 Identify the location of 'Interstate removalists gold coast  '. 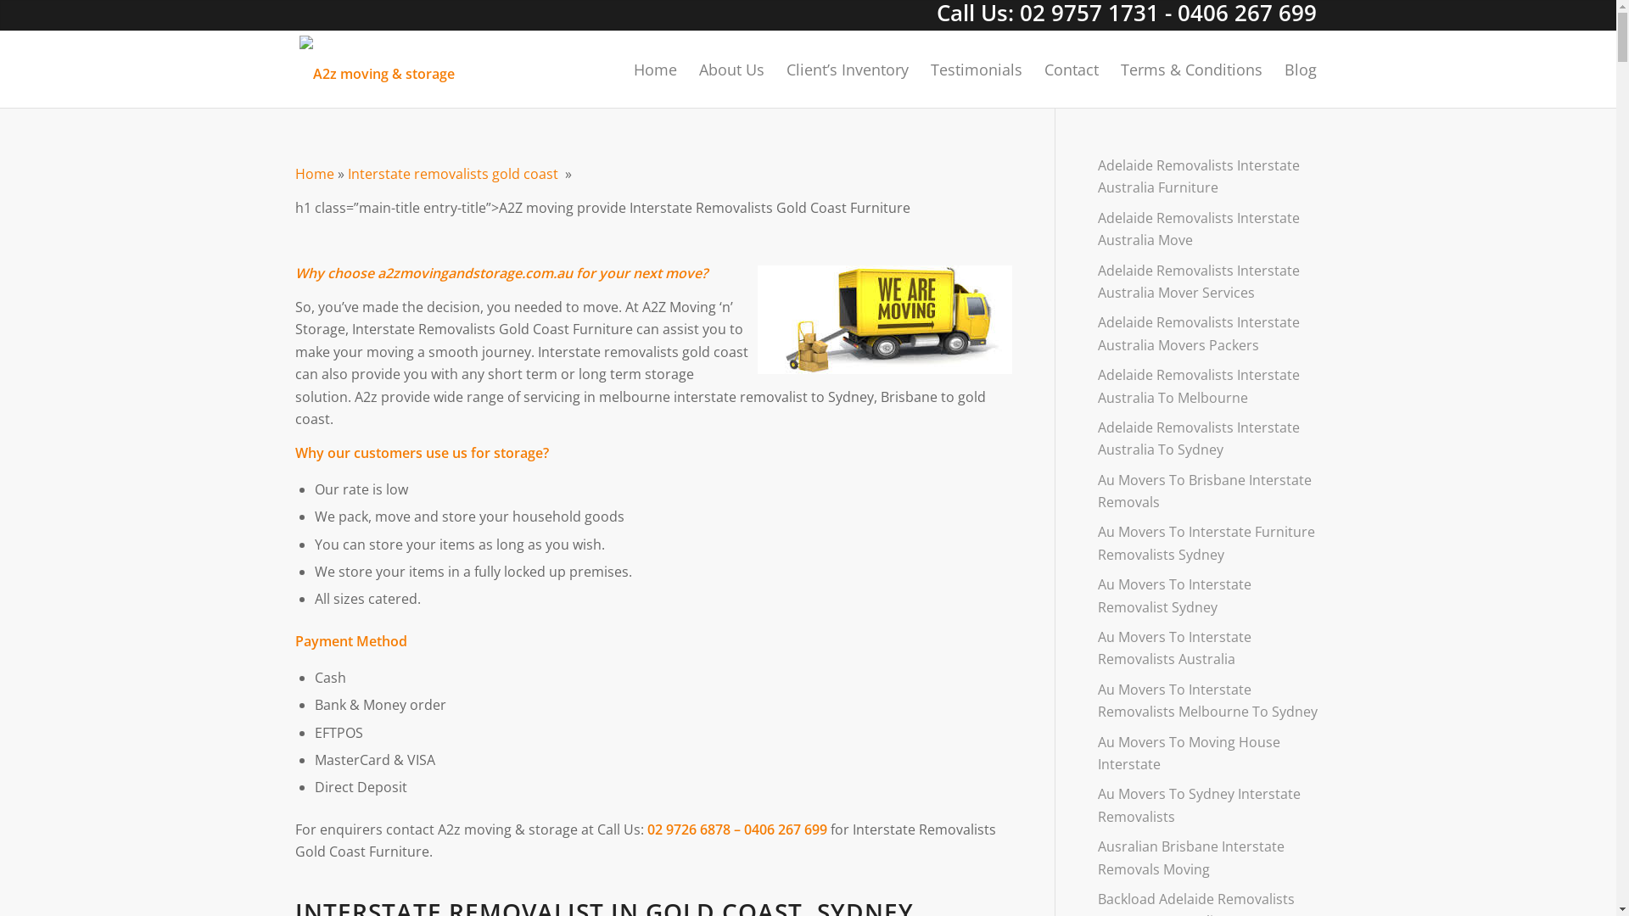
(456, 173).